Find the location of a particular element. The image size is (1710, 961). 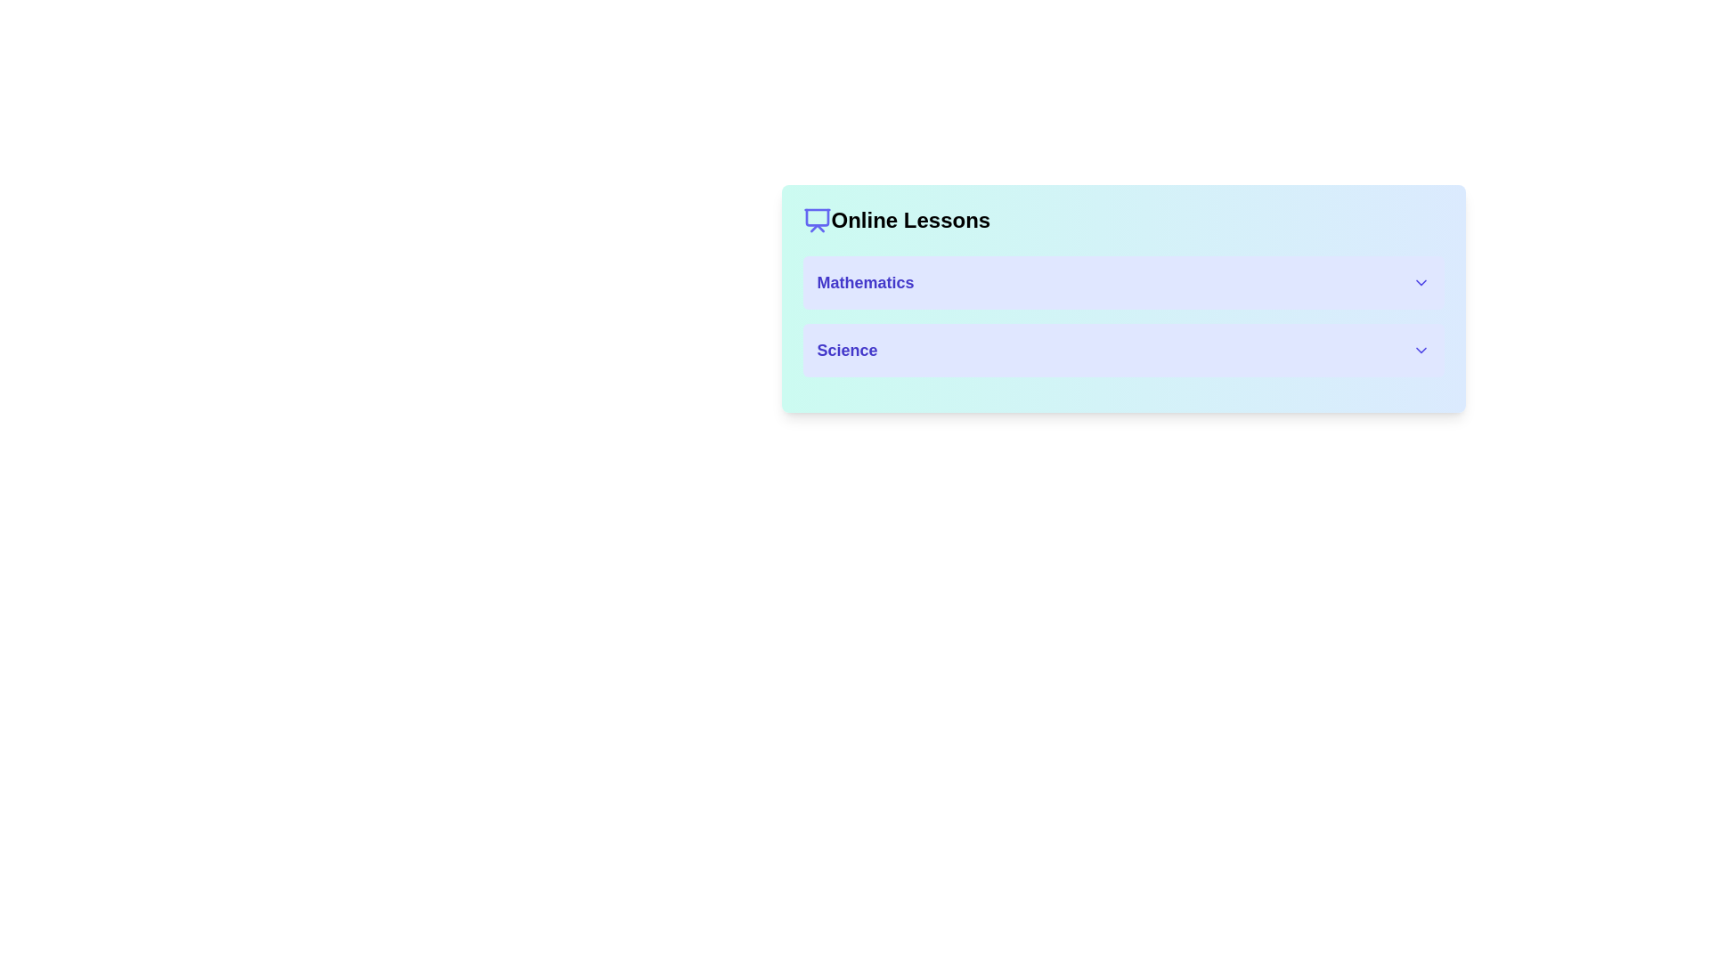

the downward-pointing chevron icon indicating a dropdown for the 'Mathematics' label, which is indigo colored and outlined, positioned to the far right of the label is located at coordinates (1420, 281).